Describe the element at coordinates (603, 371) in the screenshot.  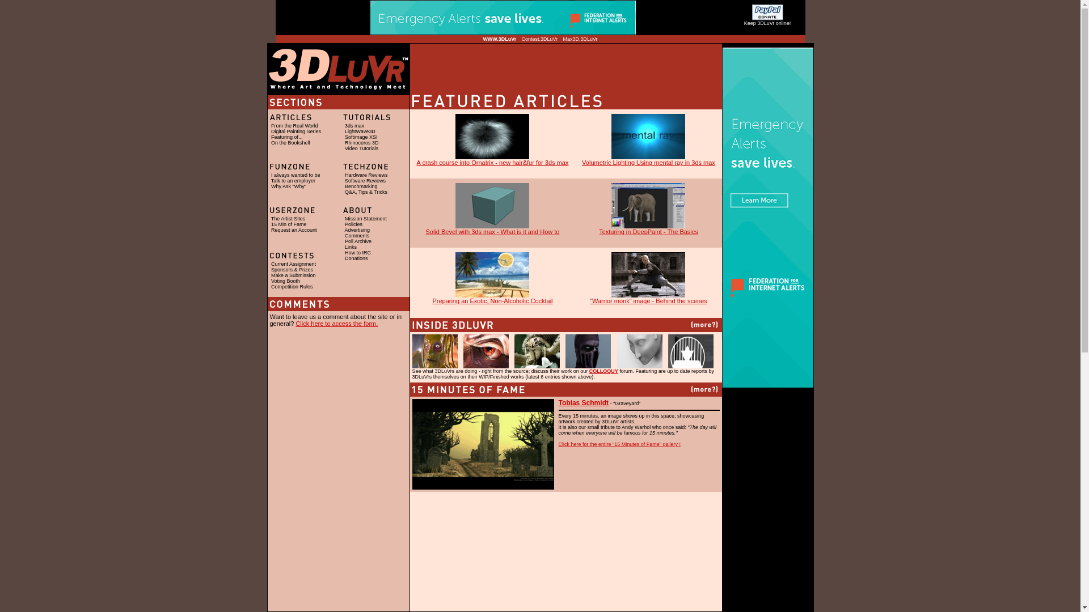
I see `'COLLOQUY'` at that location.